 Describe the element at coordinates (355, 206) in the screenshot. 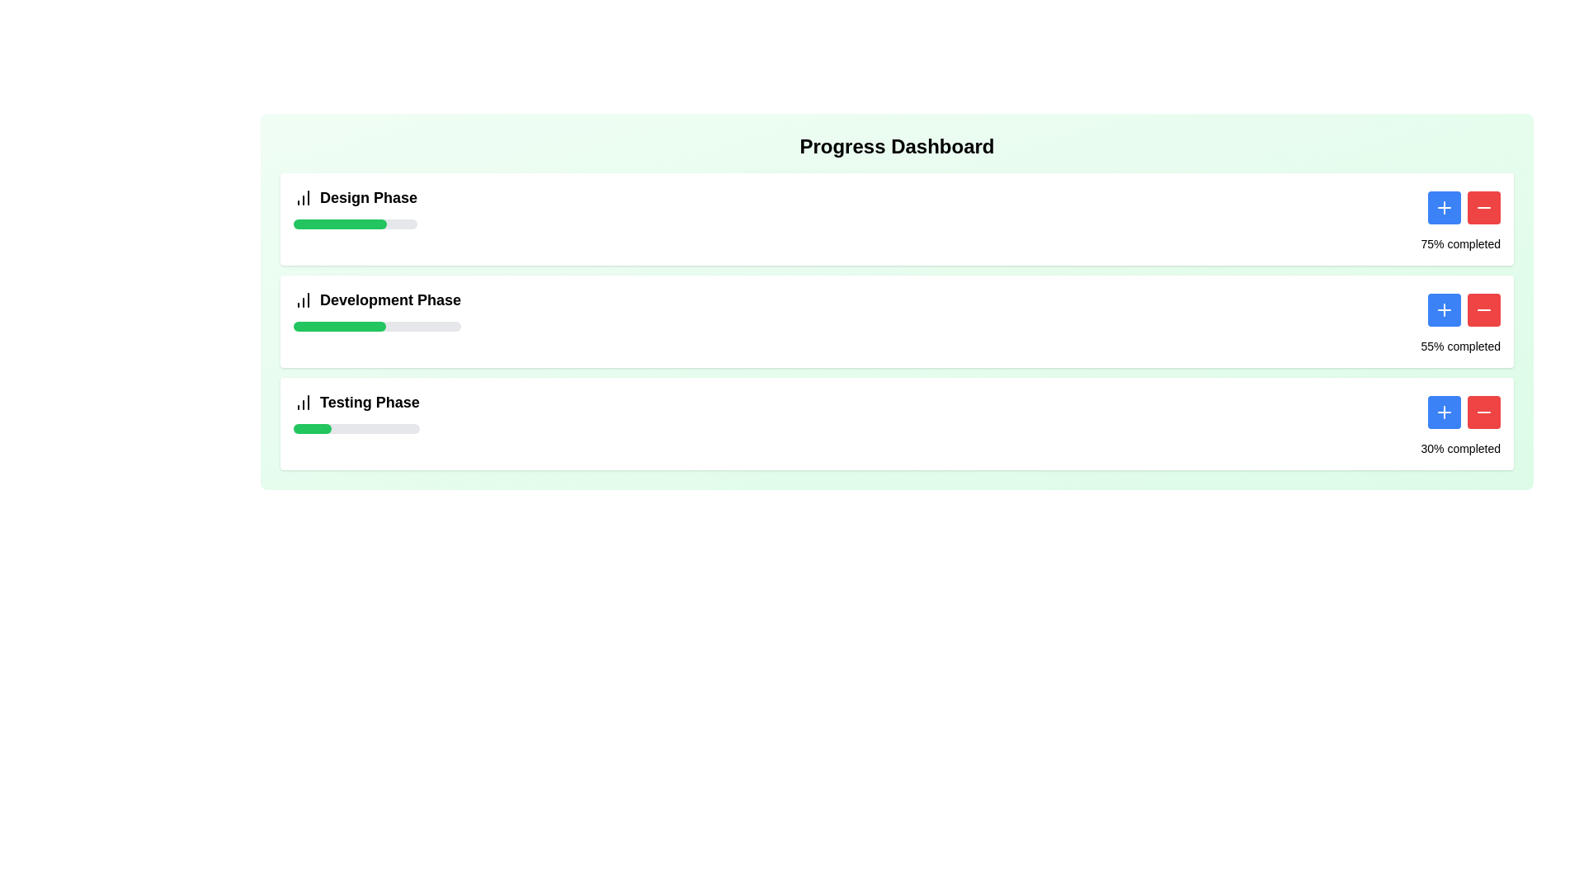

I see `the 'Design Phase' text label located in the first card at the top left section of the interface, which is adjacent to a bar chart icon and above a green progress bar` at that location.